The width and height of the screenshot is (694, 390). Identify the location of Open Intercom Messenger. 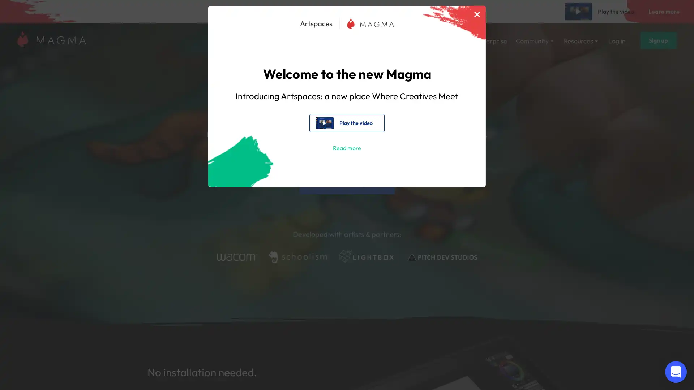
(676, 372).